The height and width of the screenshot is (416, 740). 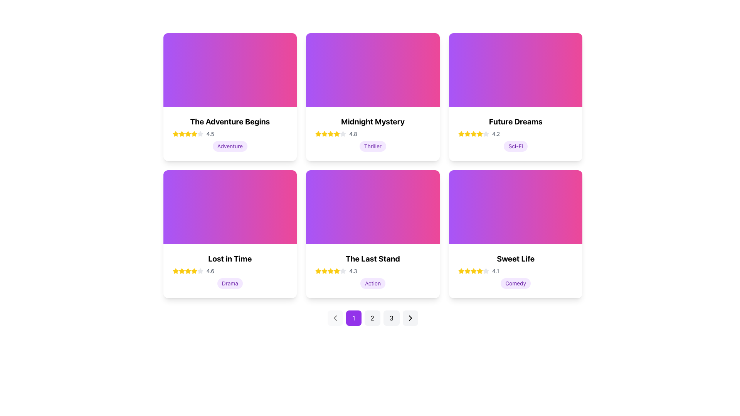 I want to click on the third rating star icon located in the second row below the 'Midnight Mystery' card, so click(x=331, y=133).